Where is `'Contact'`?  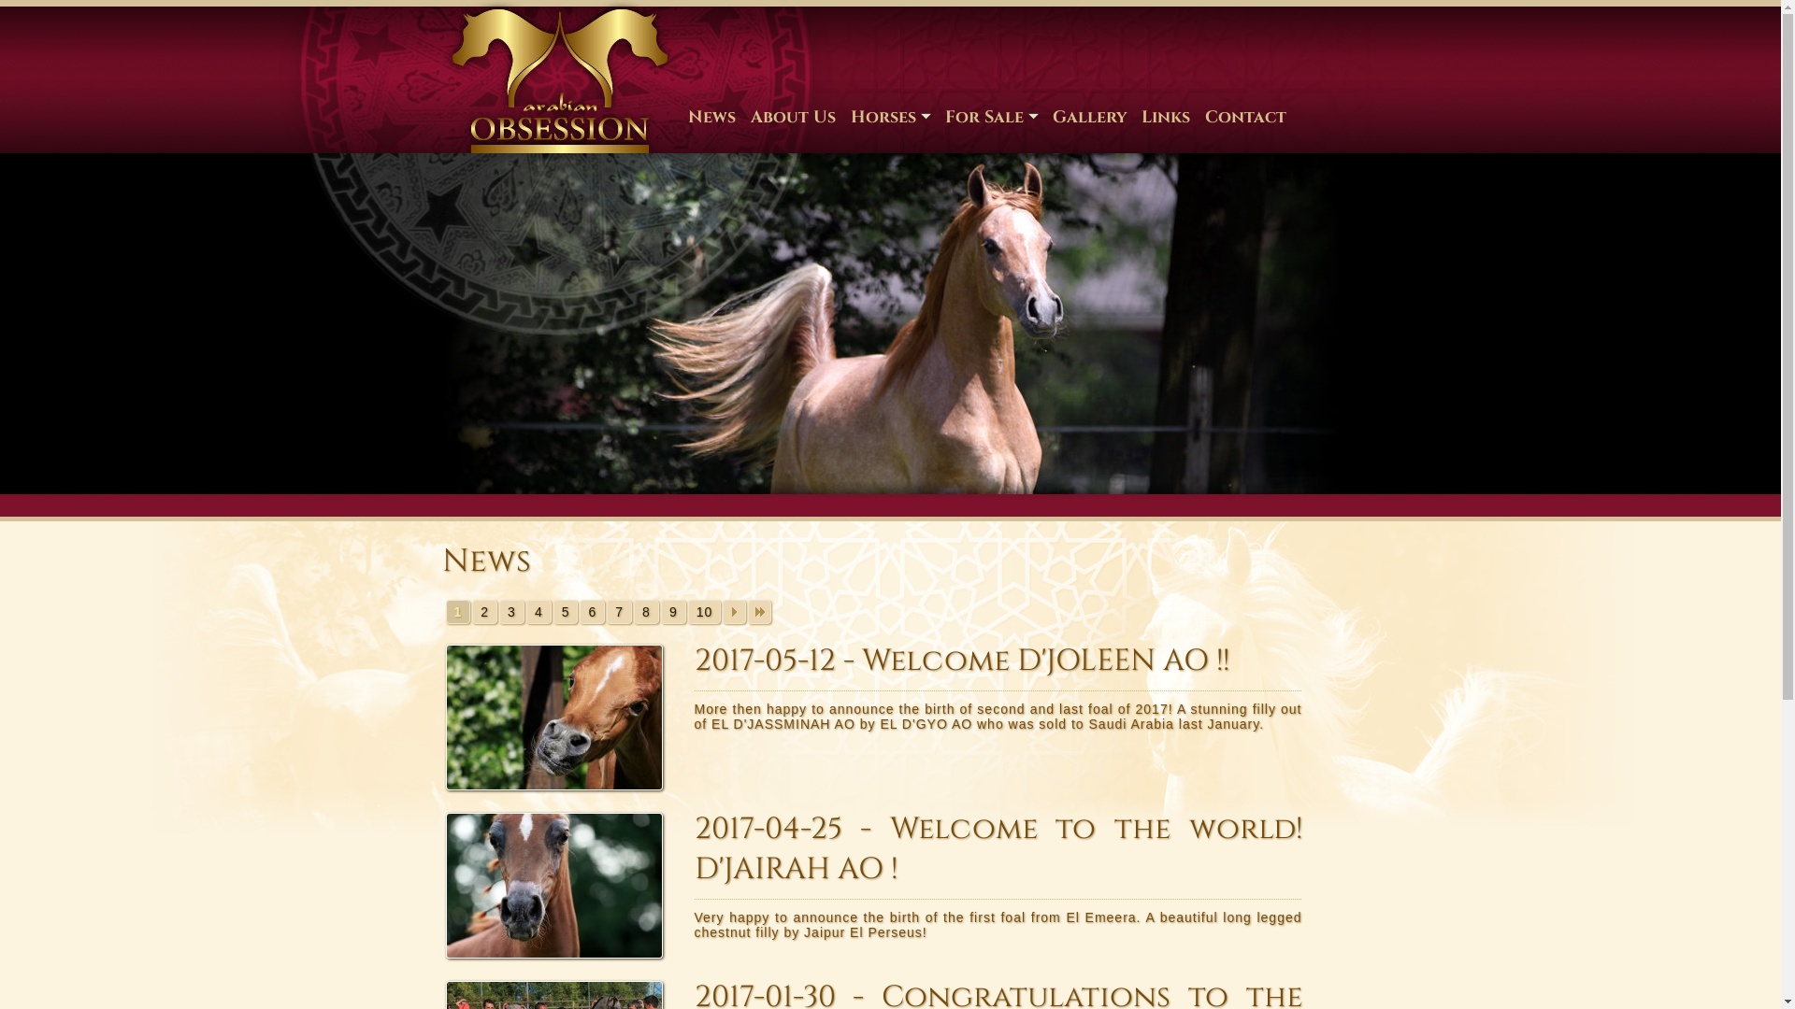 'Contact' is located at coordinates (1197, 116).